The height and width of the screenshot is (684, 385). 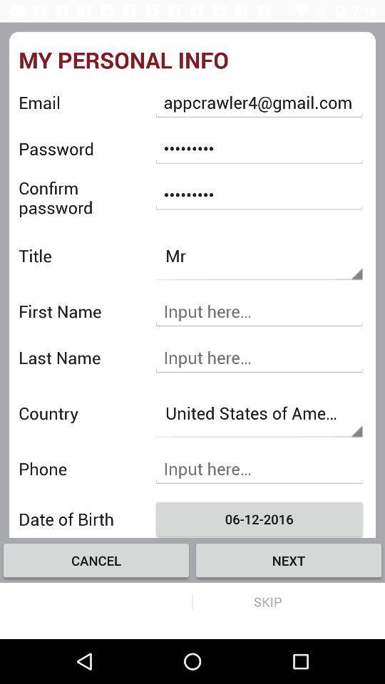 What do you see at coordinates (258, 357) in the screenshot?
I see `text` at bounding box center [258, 357].